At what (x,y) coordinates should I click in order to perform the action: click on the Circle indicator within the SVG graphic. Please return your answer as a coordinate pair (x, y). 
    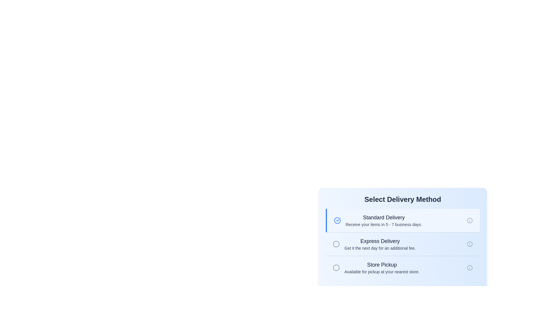
    Looking at the image, I should click on (336, 244).